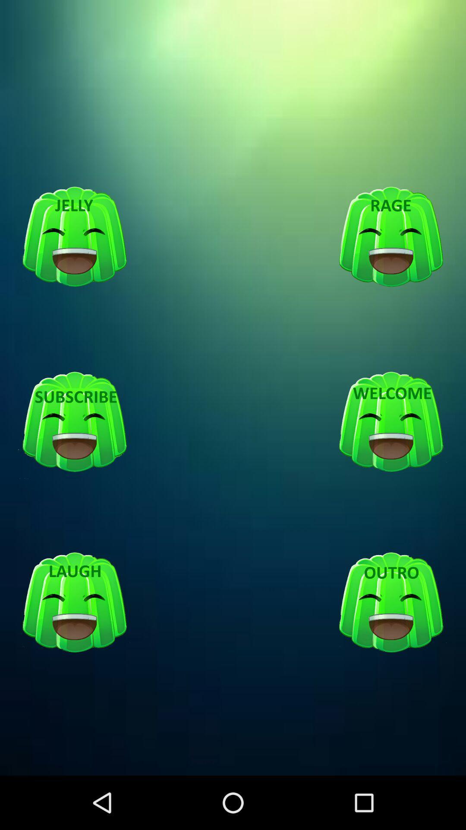 The height and width of the screenshot is (830, 466). I want to click on subscribe button, so click(74, 422).